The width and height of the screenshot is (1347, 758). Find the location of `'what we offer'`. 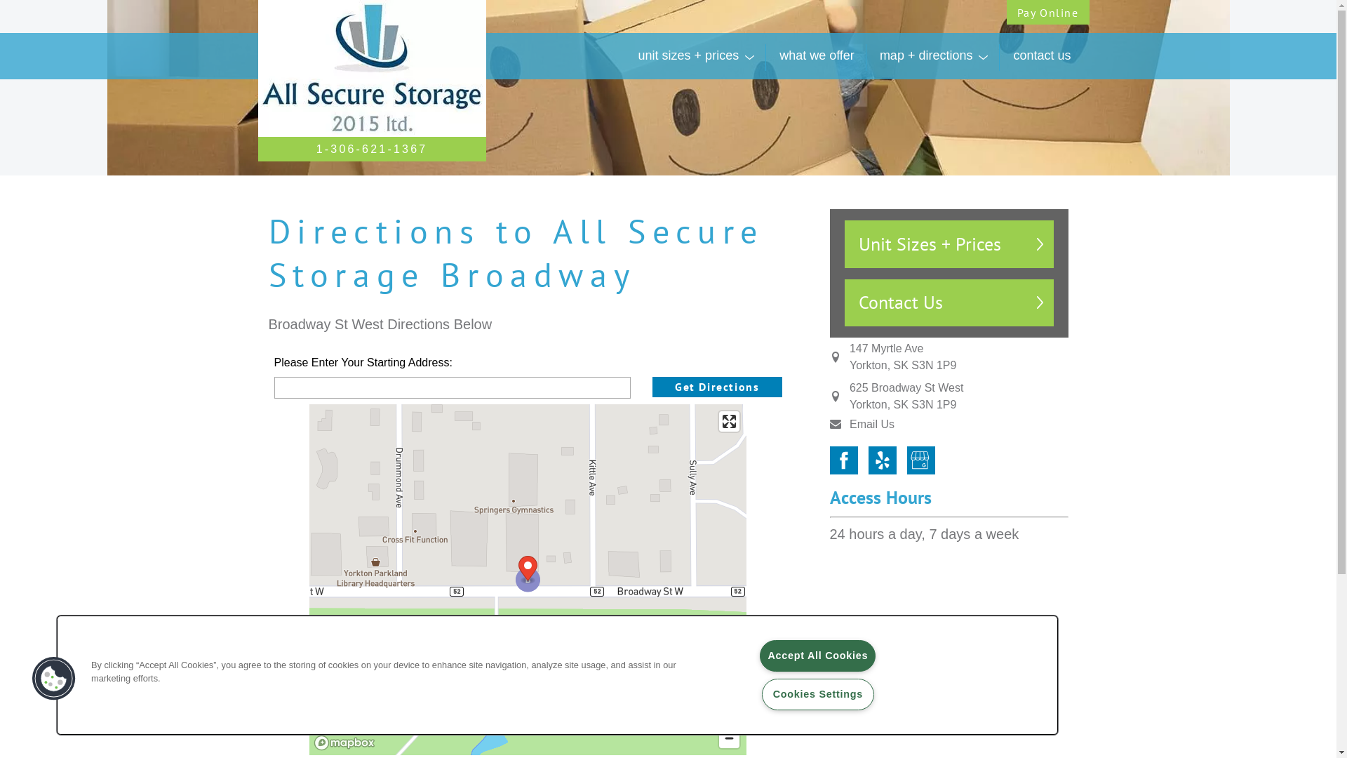

'what we offer' is located at coordinates (771, 55).